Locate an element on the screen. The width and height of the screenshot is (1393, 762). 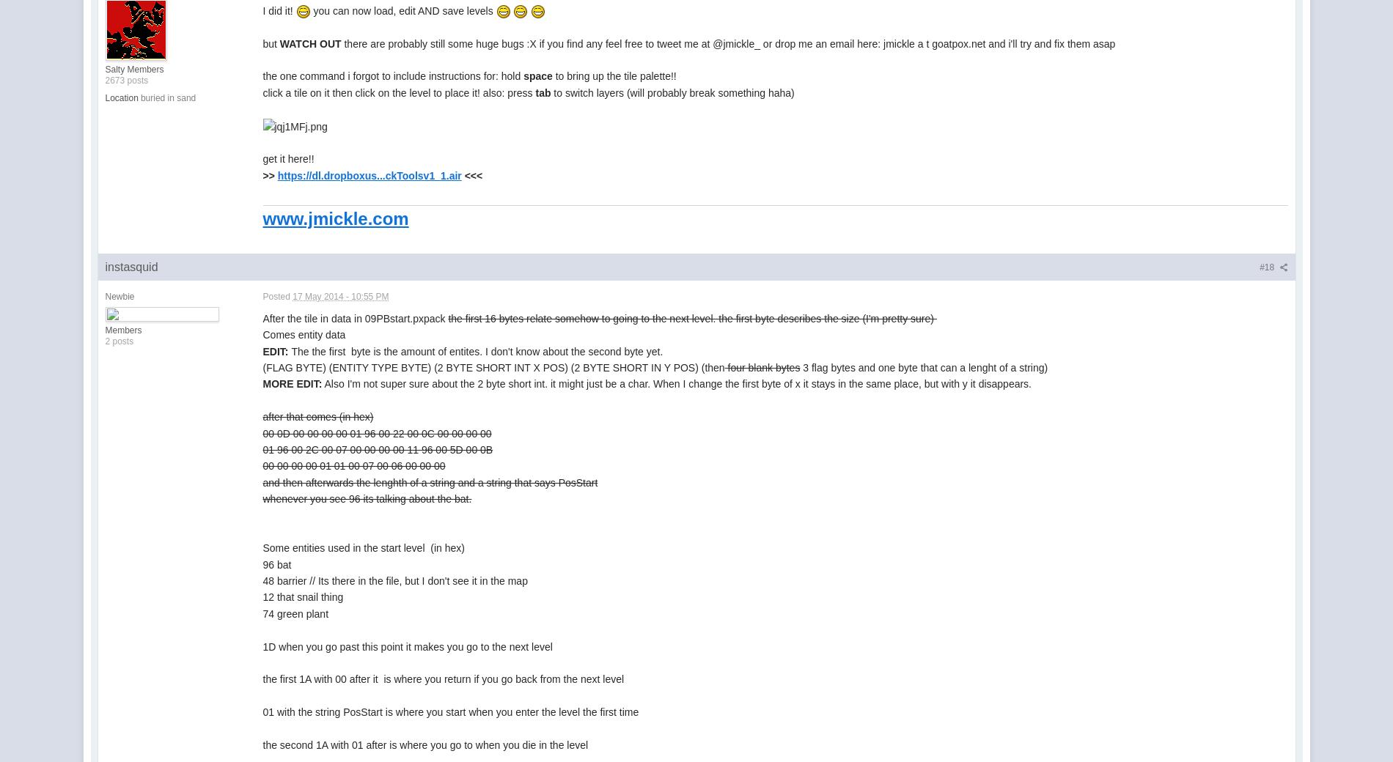
'<<<' is located at coordinates (471, 174).